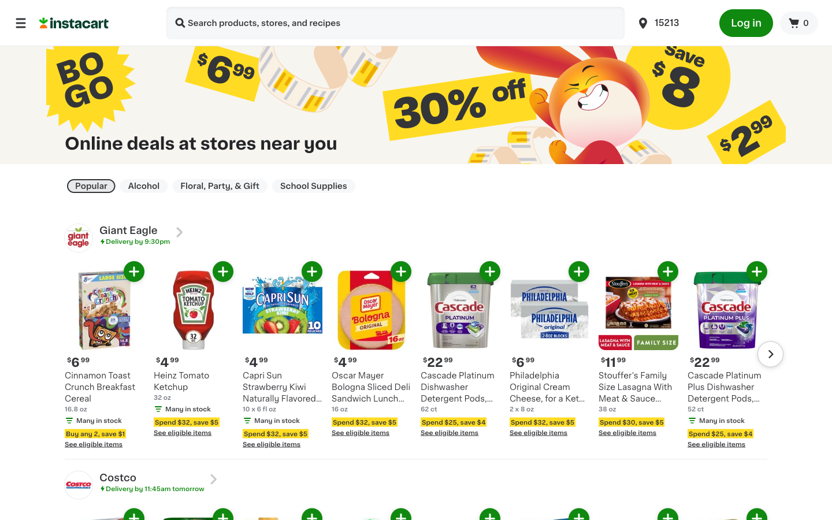  I want to click on Sort by Alcohol Category, so click(143, 185).